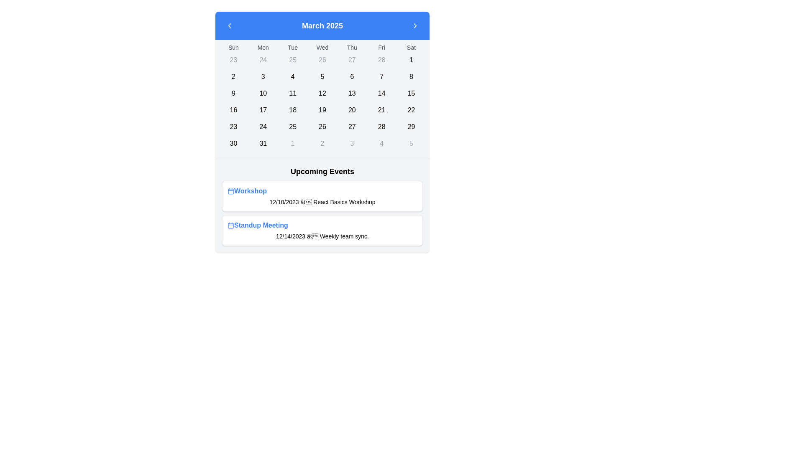  What do you see at coordinates (381, 93) in the screenshot?
I see `the square-shaped button representing the date '14' in the calendar grid` at bounding box center [381, 93].